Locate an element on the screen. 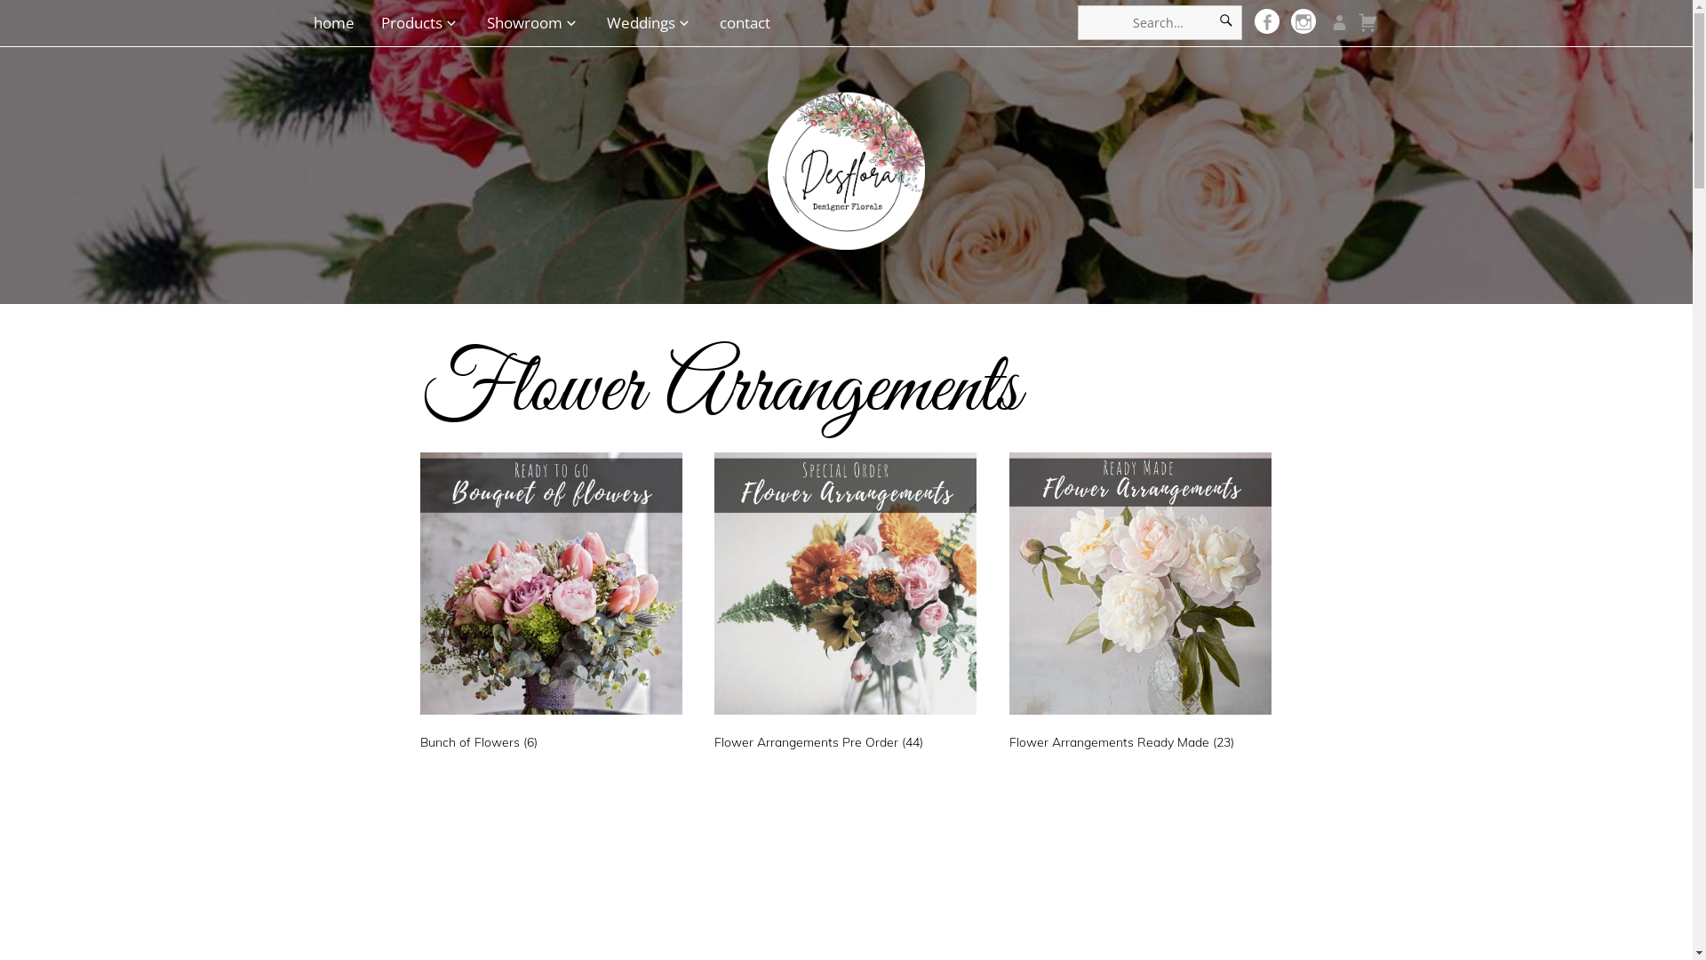 Image resolution: width=1706 pixels, height=960 pixels. 'Weddings' is located at coordinates (598, 22).